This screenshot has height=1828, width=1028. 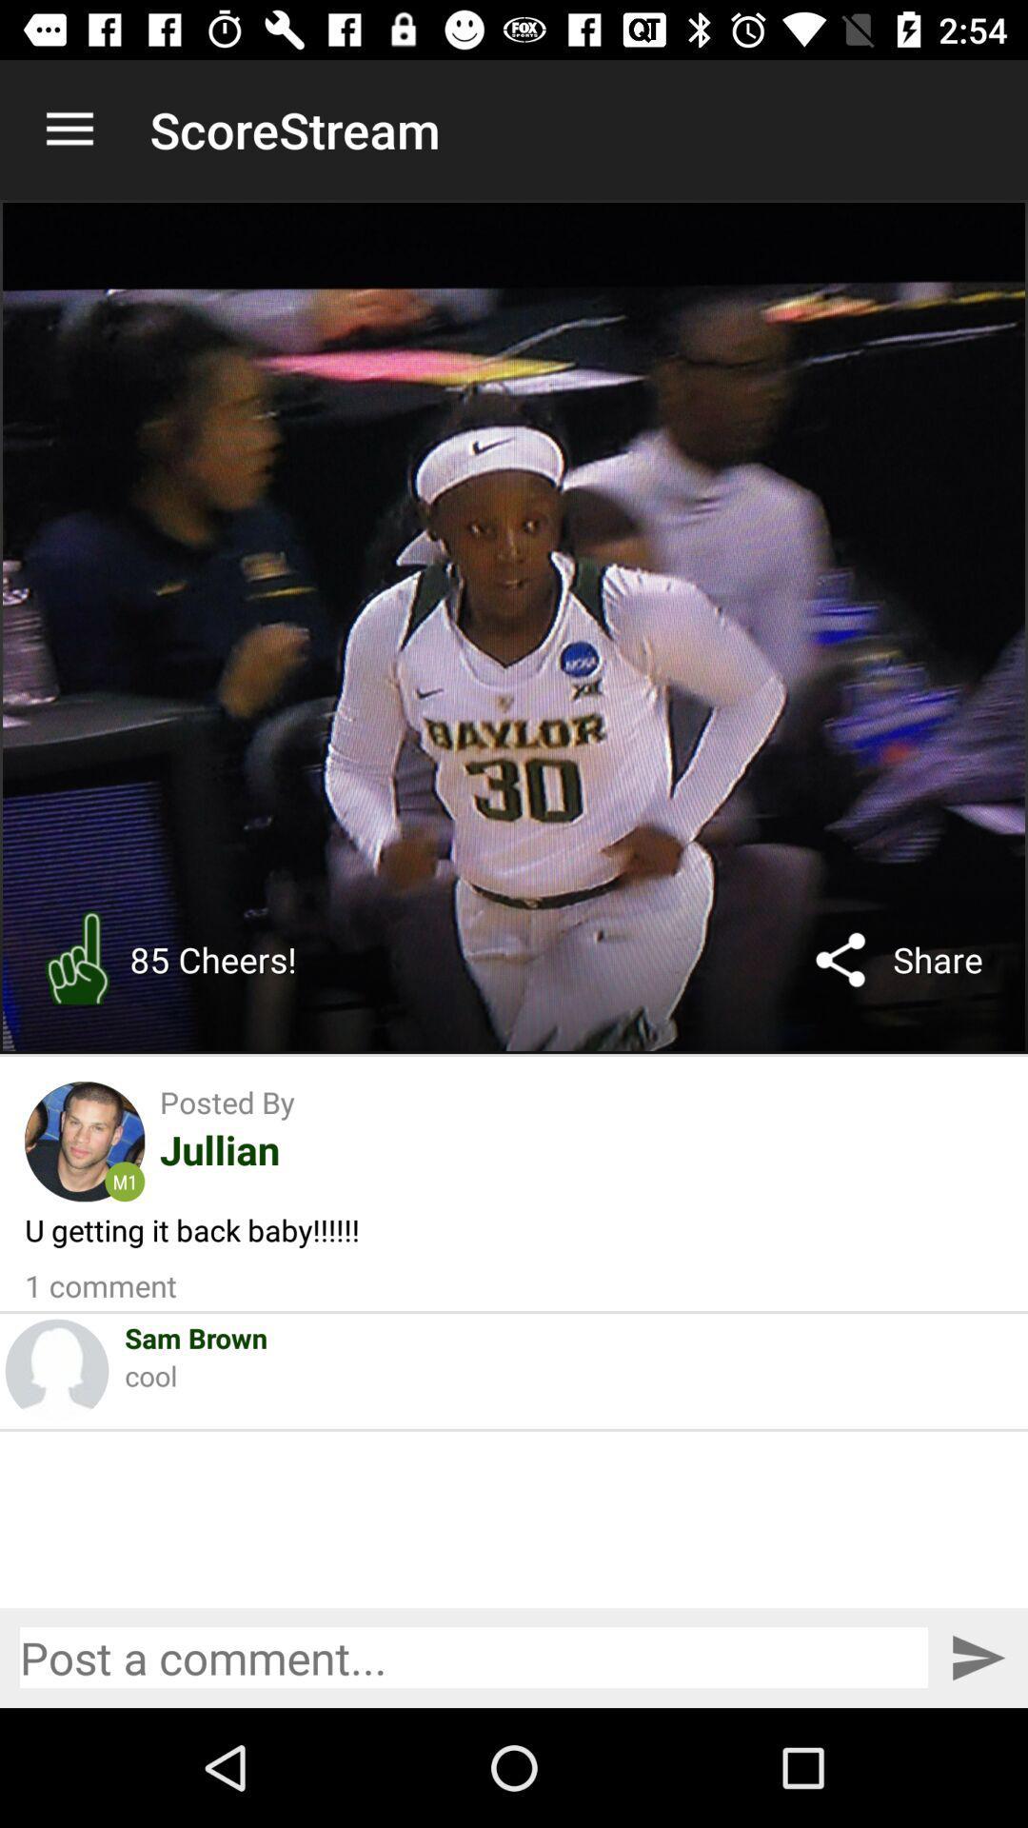 What do you see at coordinates (125, 1181) in the screenshot?
I see `m1 item` at bounding box center [125, 1181].